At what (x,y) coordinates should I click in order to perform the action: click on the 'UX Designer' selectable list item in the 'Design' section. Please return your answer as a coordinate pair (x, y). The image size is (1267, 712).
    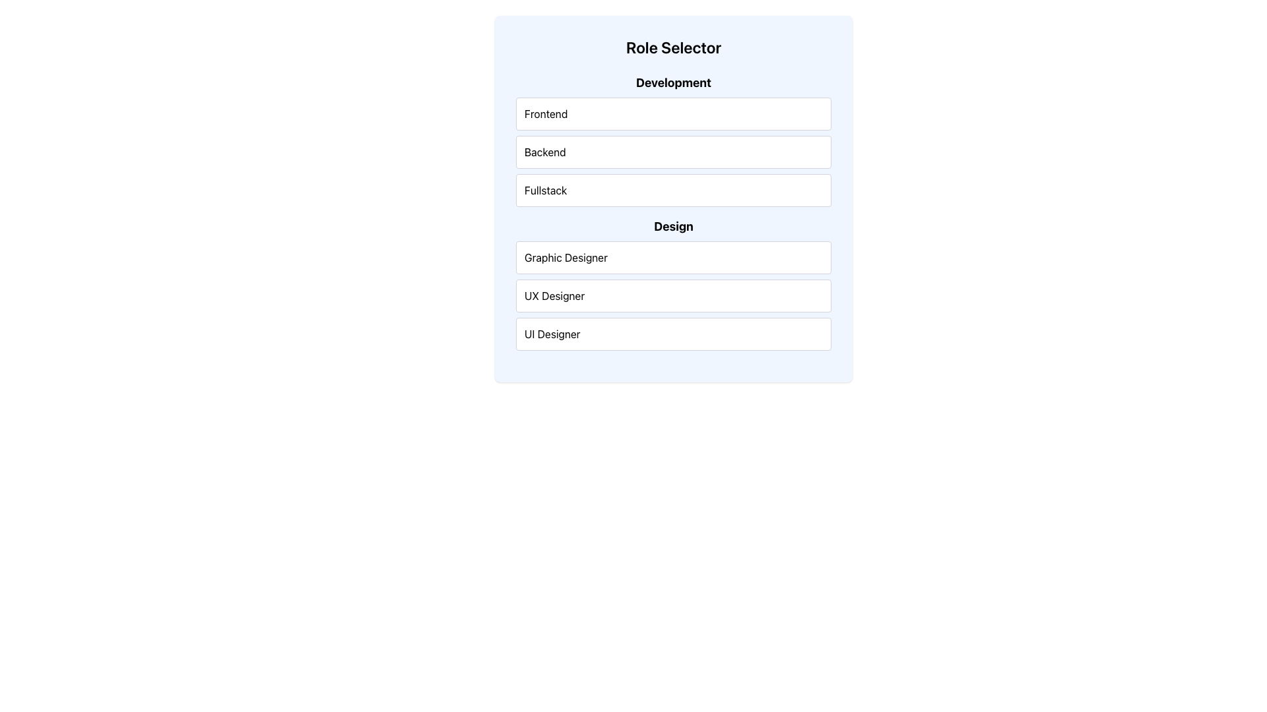
    Looking at the image, I should click on (674, 295).